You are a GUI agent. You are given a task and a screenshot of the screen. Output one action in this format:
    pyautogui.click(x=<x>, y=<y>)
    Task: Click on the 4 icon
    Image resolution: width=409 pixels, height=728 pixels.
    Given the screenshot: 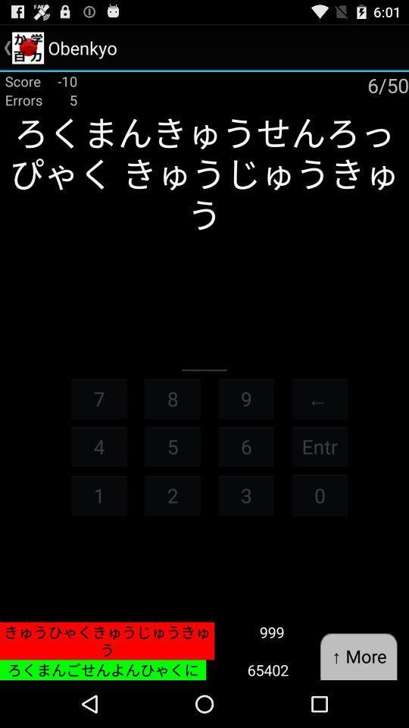 What is the action you would take?
    pyautogui.click(x=98, y=446)
    